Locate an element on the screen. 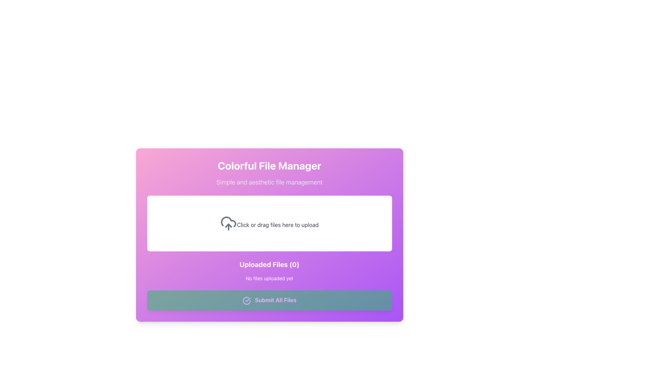  the label indicating the number of files uploaded, which displays zero by default and is located below the file upload area is located at coordinates (269, 264).